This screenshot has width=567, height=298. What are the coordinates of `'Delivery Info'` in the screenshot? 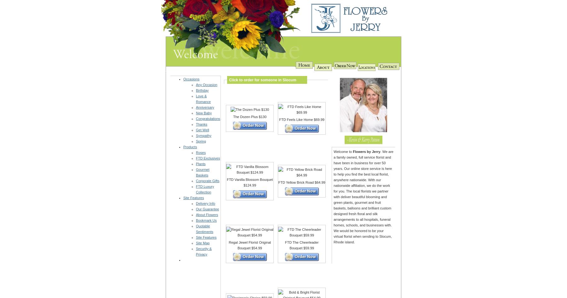 It's located at (205, 203).